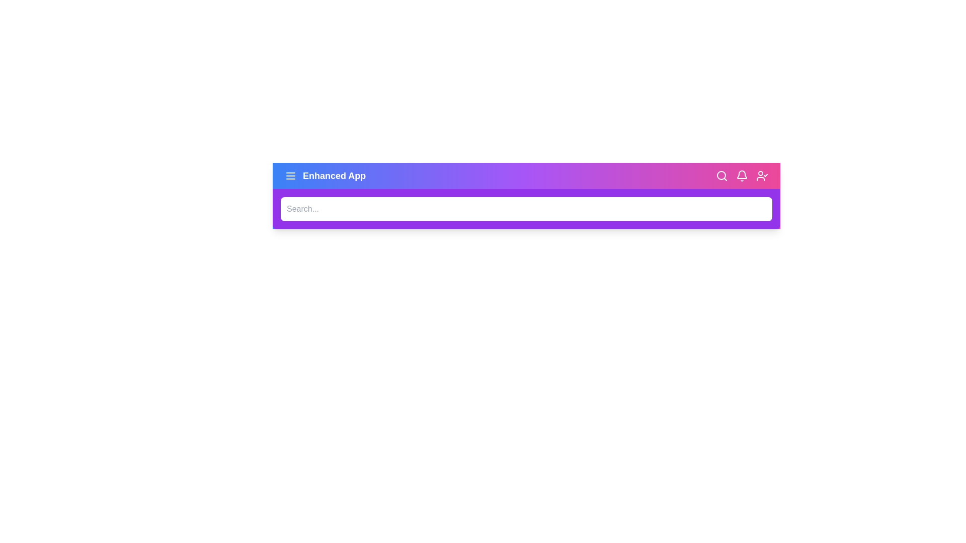 The width and height of the screenshot is (966, 543). What do you see at coordinates (526, 209) in the screenshot?
I see `the search bar and type the query 'example query'` at bounding box center [526, 209].